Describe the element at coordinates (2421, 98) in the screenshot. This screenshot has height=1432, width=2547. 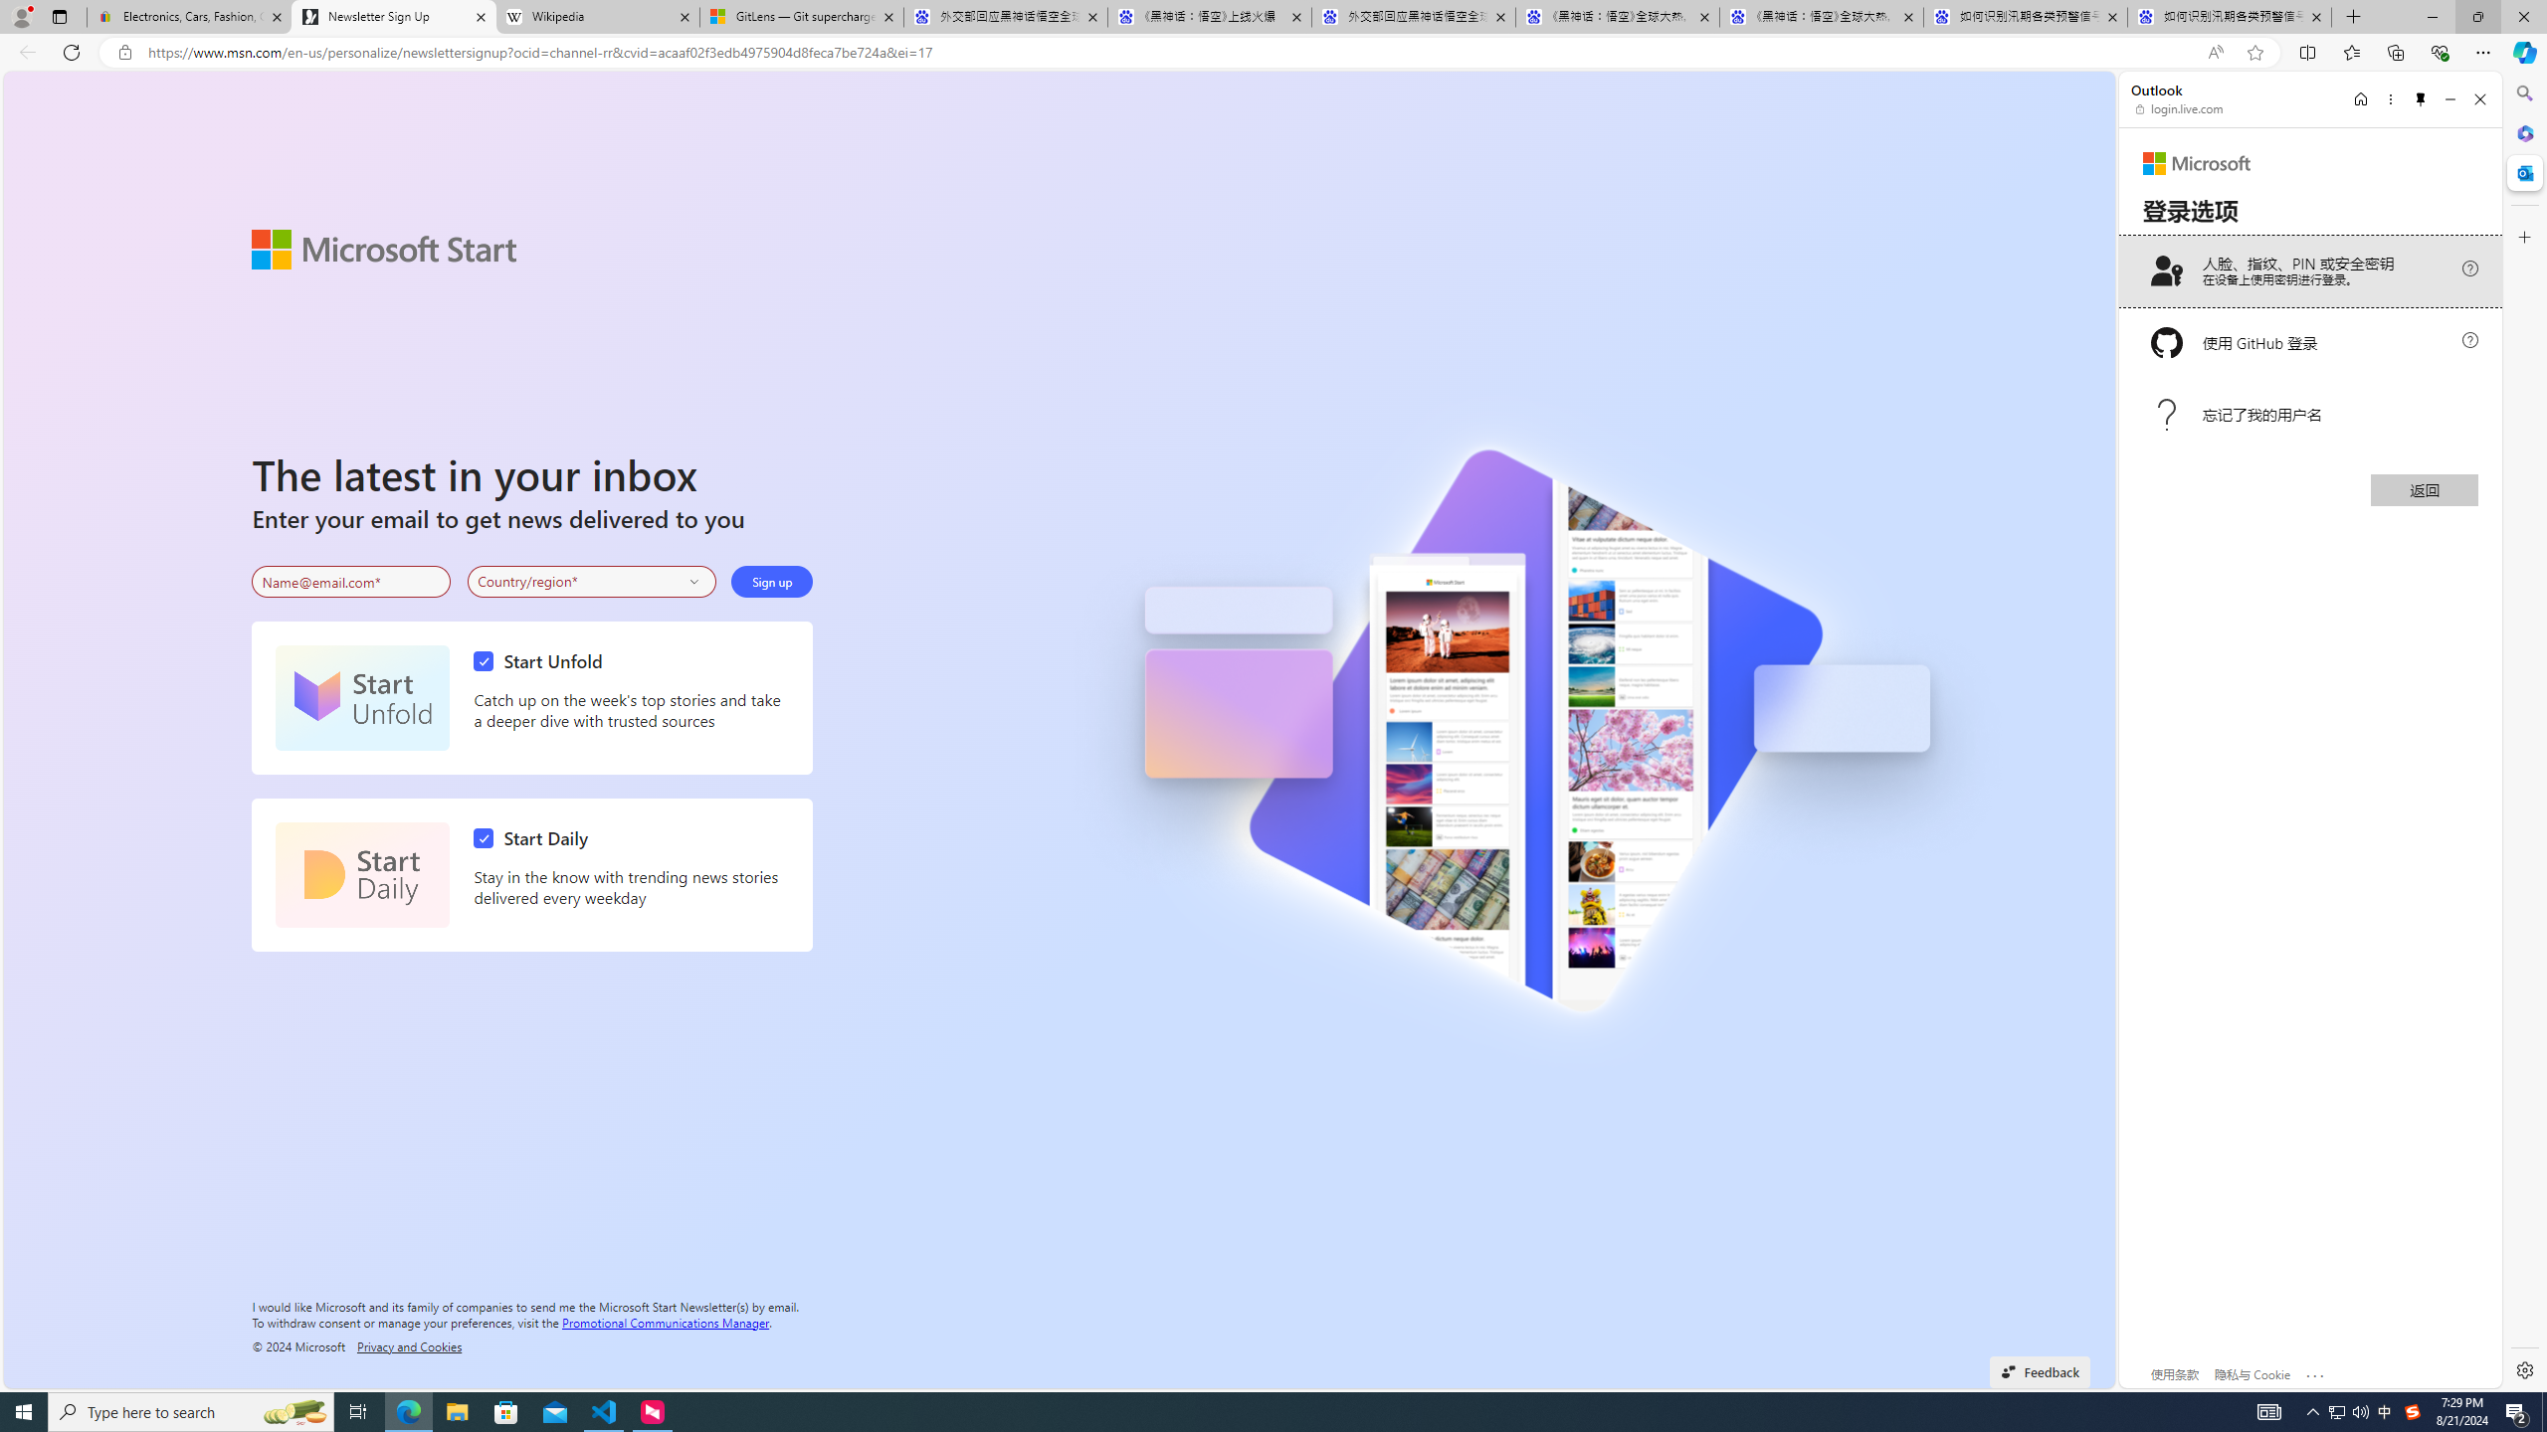
I see `'Unpin side pane'` at that location.